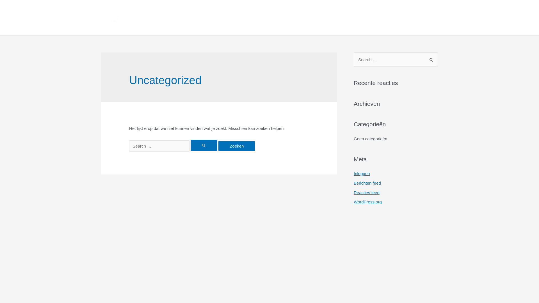 The height and width of the screenshot is (303, 539). What do you see at coordinates (218, 146) in the screenshot?
I see `'Zoeken'` at bounding box center [218, 146].